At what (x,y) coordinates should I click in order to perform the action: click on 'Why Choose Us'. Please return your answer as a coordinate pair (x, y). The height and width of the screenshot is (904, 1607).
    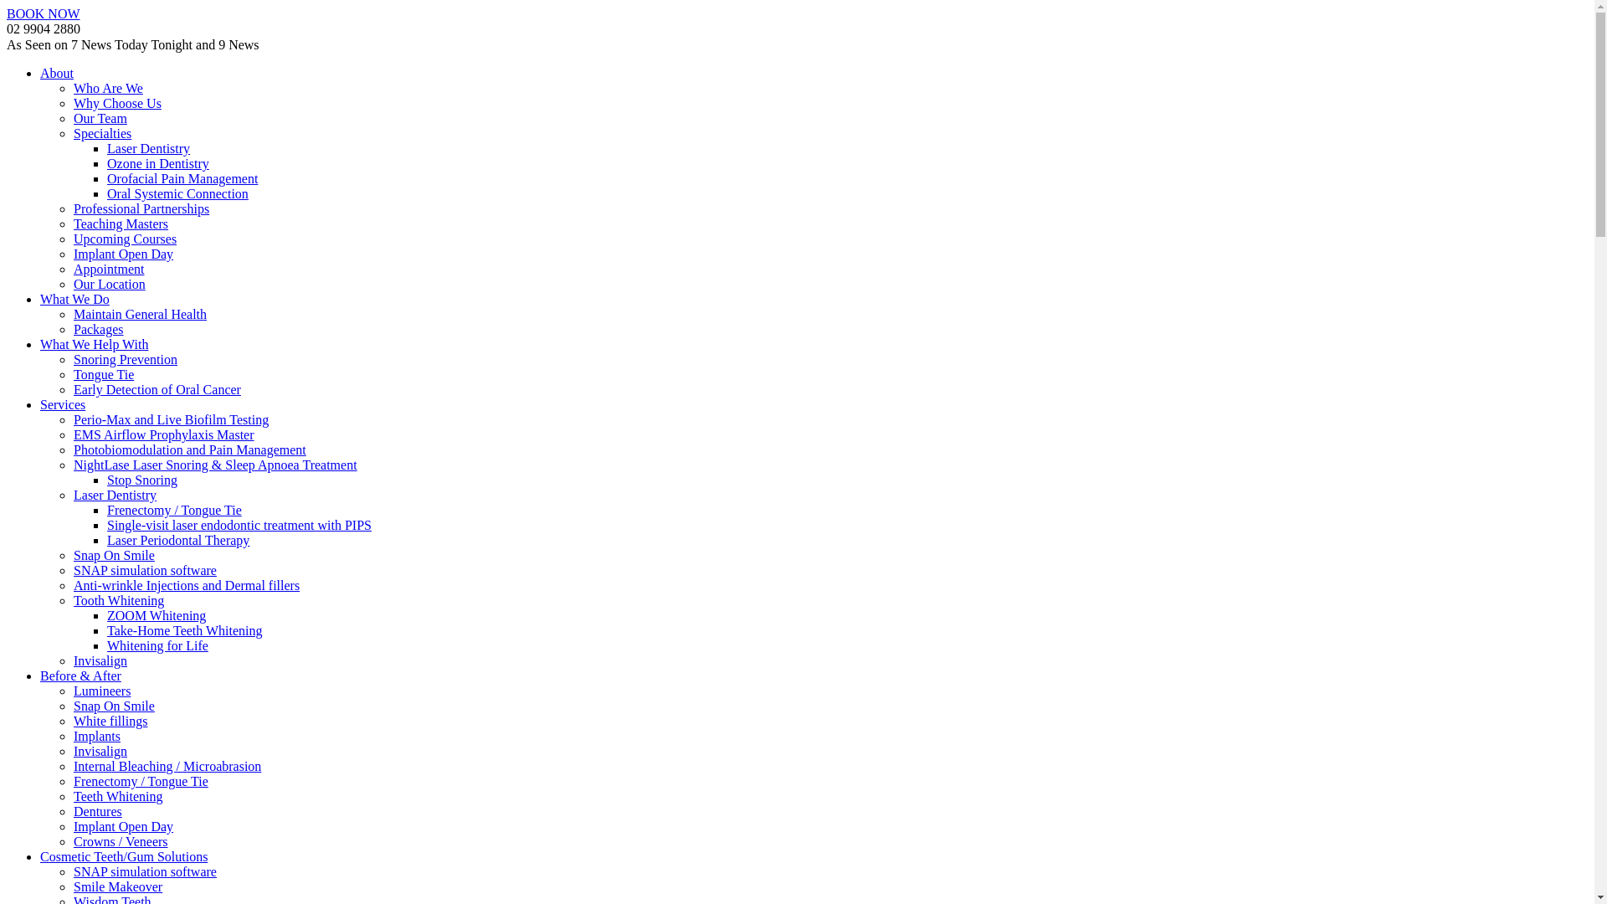
    Looking at the image, I should click on (116, 103).